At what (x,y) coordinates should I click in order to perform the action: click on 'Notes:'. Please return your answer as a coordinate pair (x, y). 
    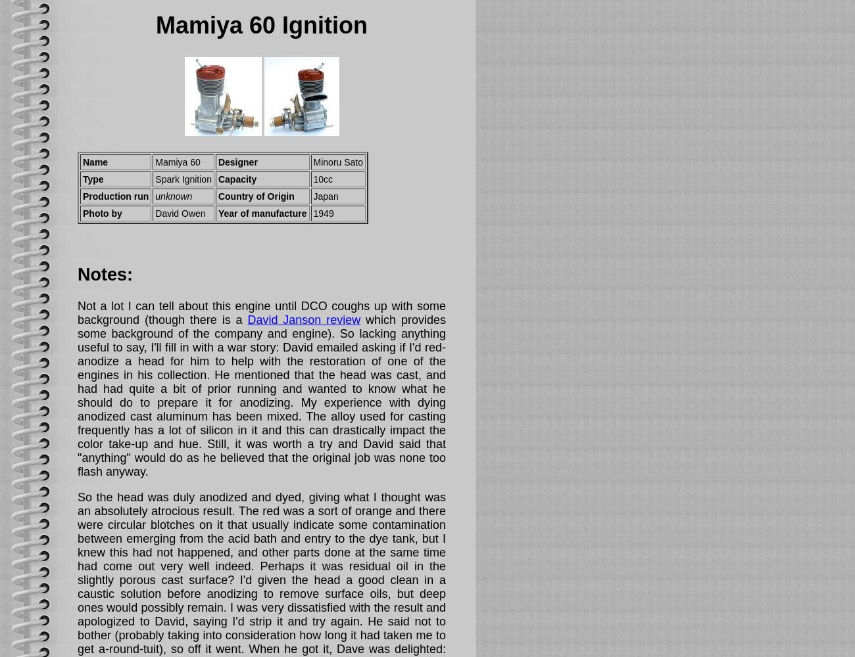
    Looking at the image, I should click on (77, 274).